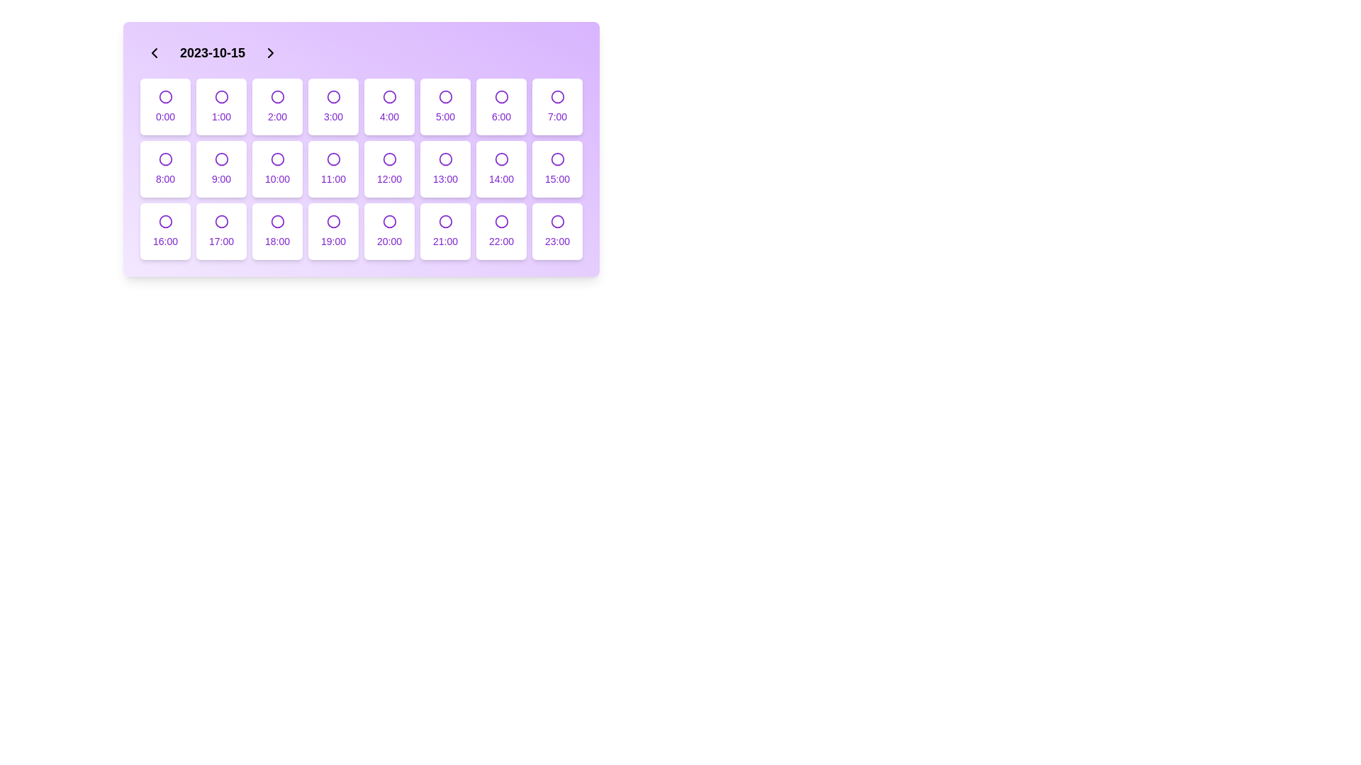  What do you see at coordinates (220, 106) in the screenshot?
I see `the button representing the time slot '1:00', which is the second button from the left on the top row of a 4x6 grid layout` at bounding box center [220, 106].